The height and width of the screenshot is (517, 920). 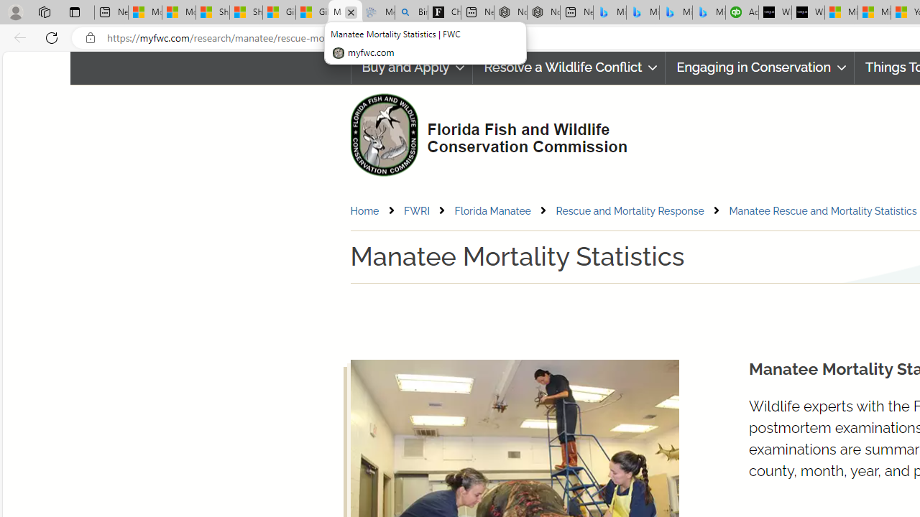 What do you see at coordinates (630, 210) in the screenshot?
I see `'Rescue and Mortality Response'` at bounding box center [630, 210].